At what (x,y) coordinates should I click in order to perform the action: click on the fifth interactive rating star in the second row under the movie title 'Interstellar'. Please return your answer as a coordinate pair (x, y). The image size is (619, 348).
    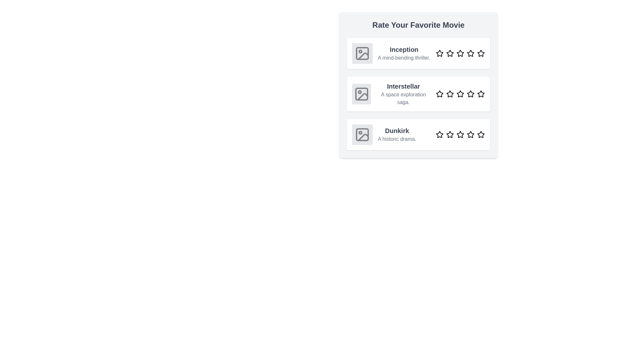
    Looking at the image, I should click on (481, 94).